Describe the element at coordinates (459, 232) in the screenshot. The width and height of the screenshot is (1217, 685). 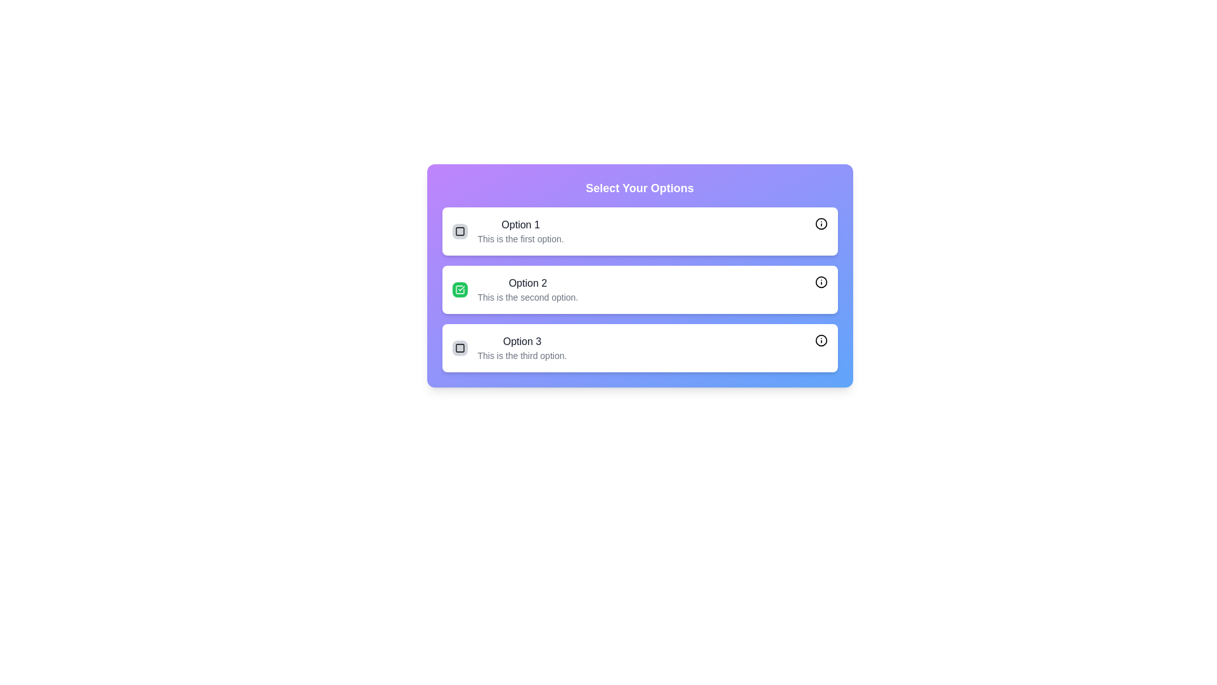
I see `the checkbox with a red border located inside the button of the first option labeled 'Option 1'` at that location.